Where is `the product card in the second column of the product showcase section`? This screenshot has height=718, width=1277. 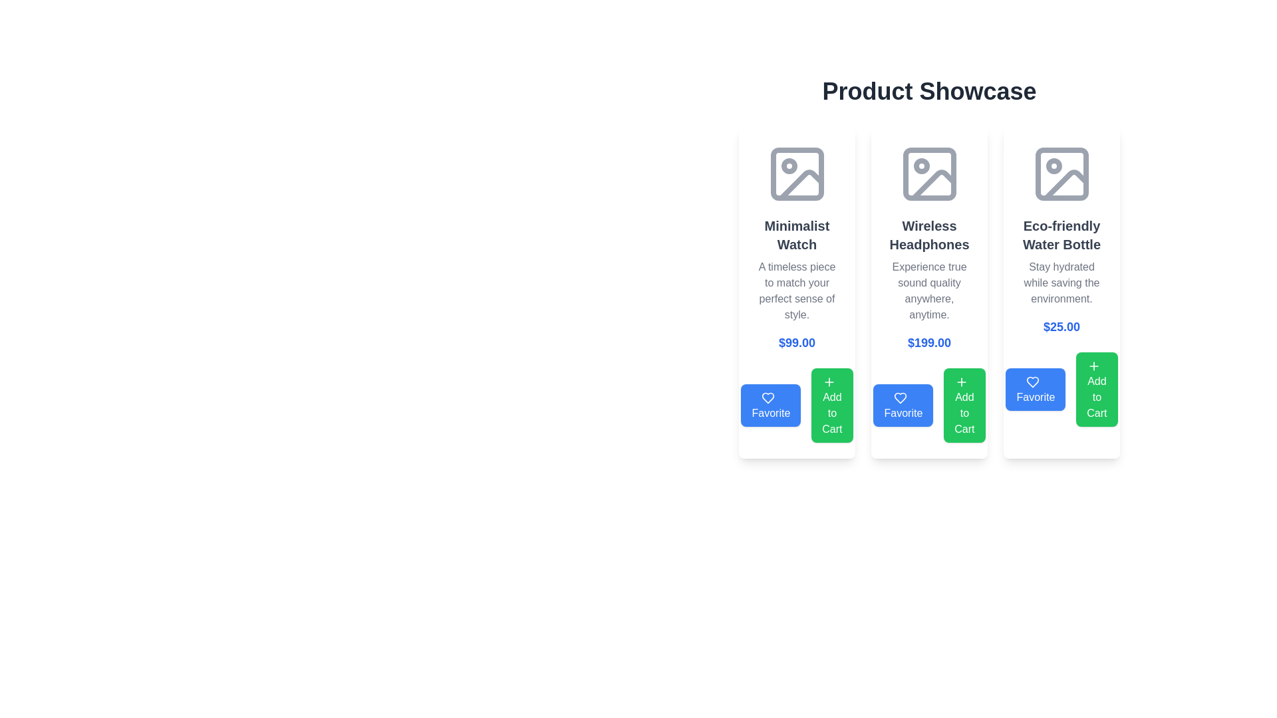
the product card in the second column of the product showcase section is located at coordinates (928, 291).